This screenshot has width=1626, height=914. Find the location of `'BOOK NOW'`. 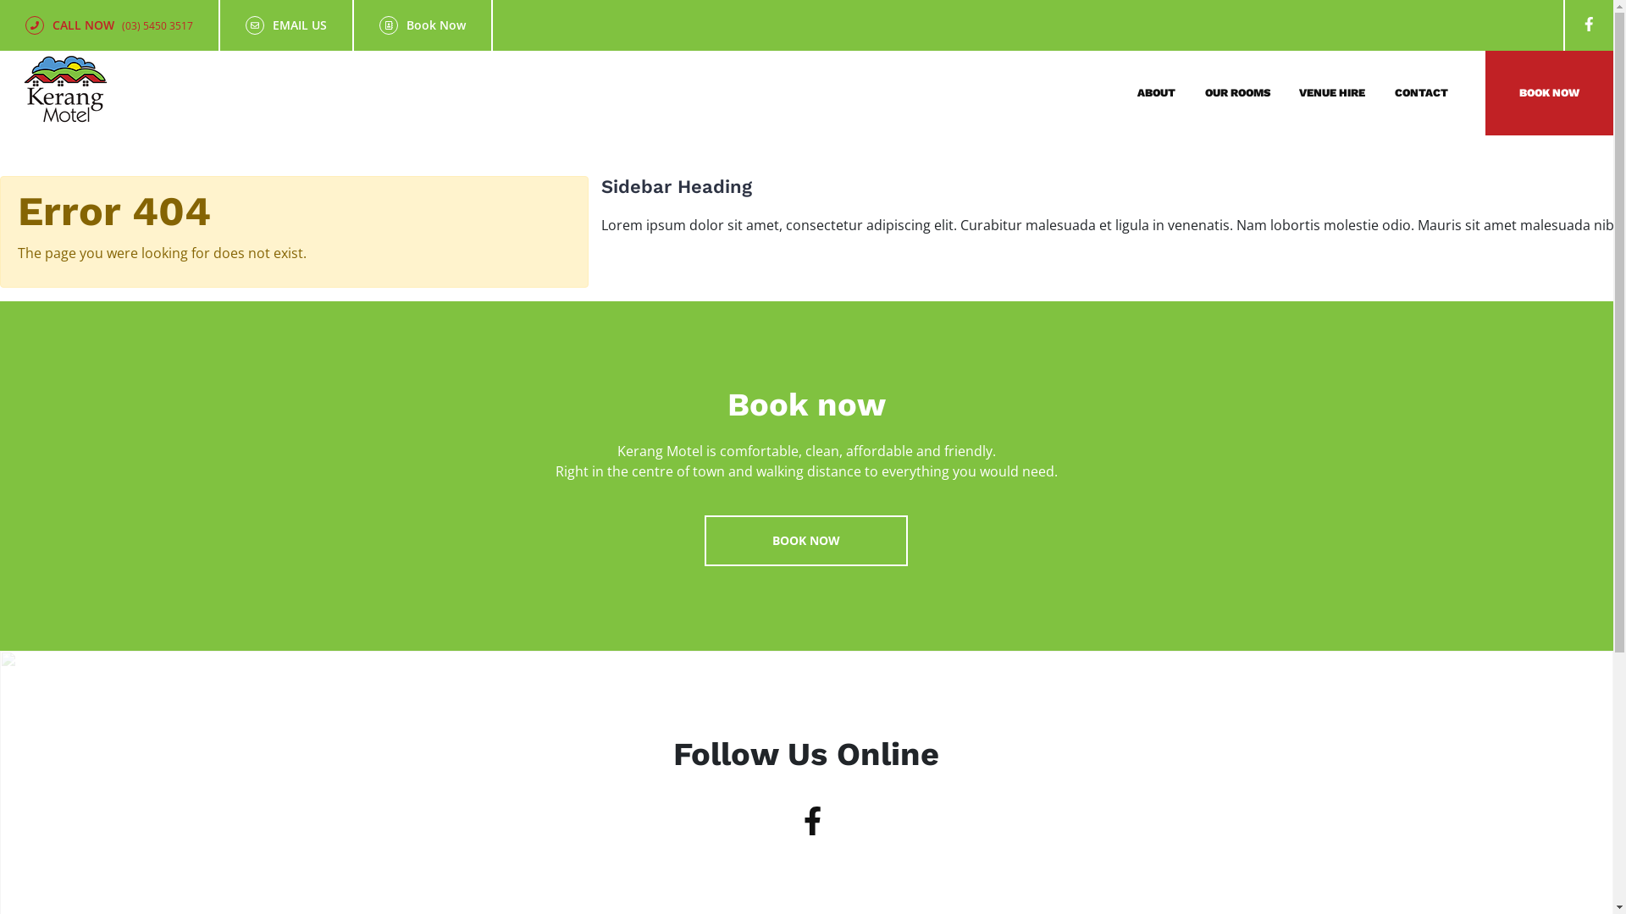

'BOOK NOW' is located at coordinates (704, 541).